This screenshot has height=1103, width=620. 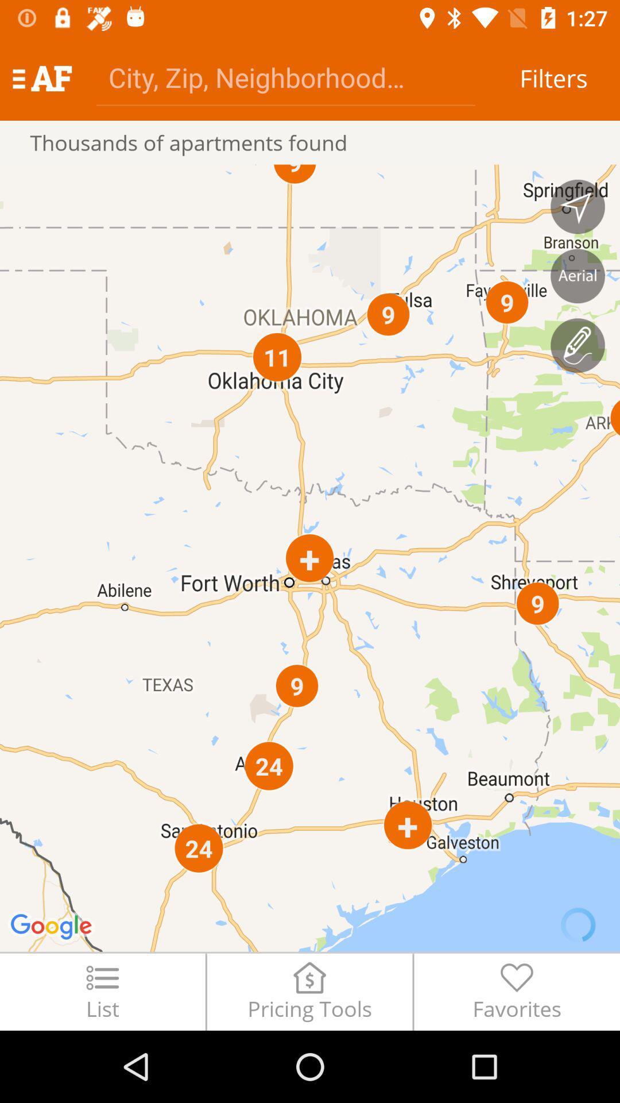 I want to click on the icon to the right of pricing tools icon, so click(x=517, y=991).